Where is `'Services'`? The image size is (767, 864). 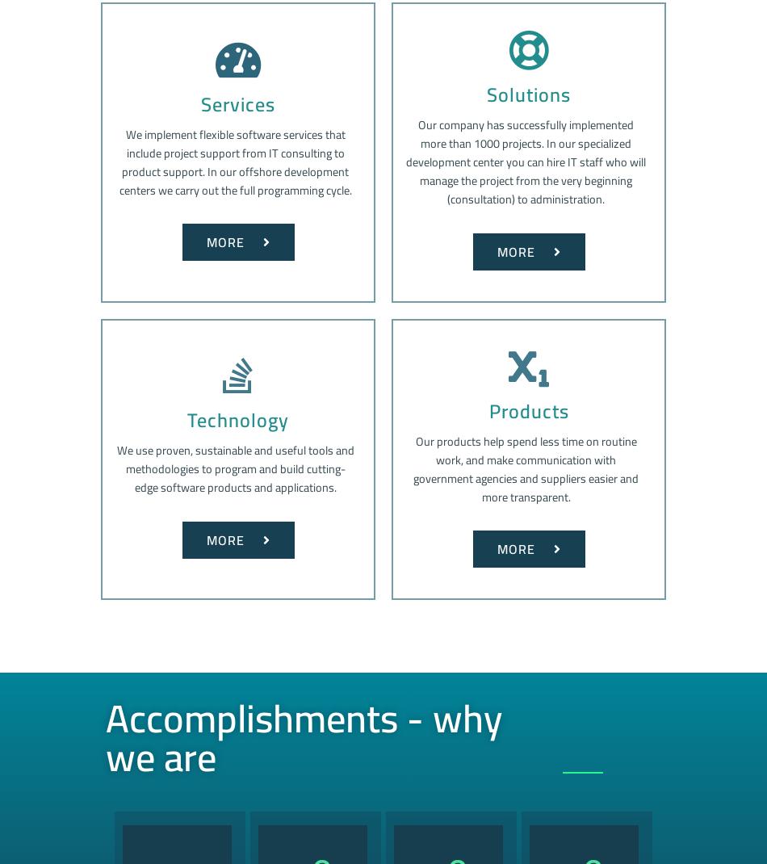 'Services' is located at coordinates (237, 103).